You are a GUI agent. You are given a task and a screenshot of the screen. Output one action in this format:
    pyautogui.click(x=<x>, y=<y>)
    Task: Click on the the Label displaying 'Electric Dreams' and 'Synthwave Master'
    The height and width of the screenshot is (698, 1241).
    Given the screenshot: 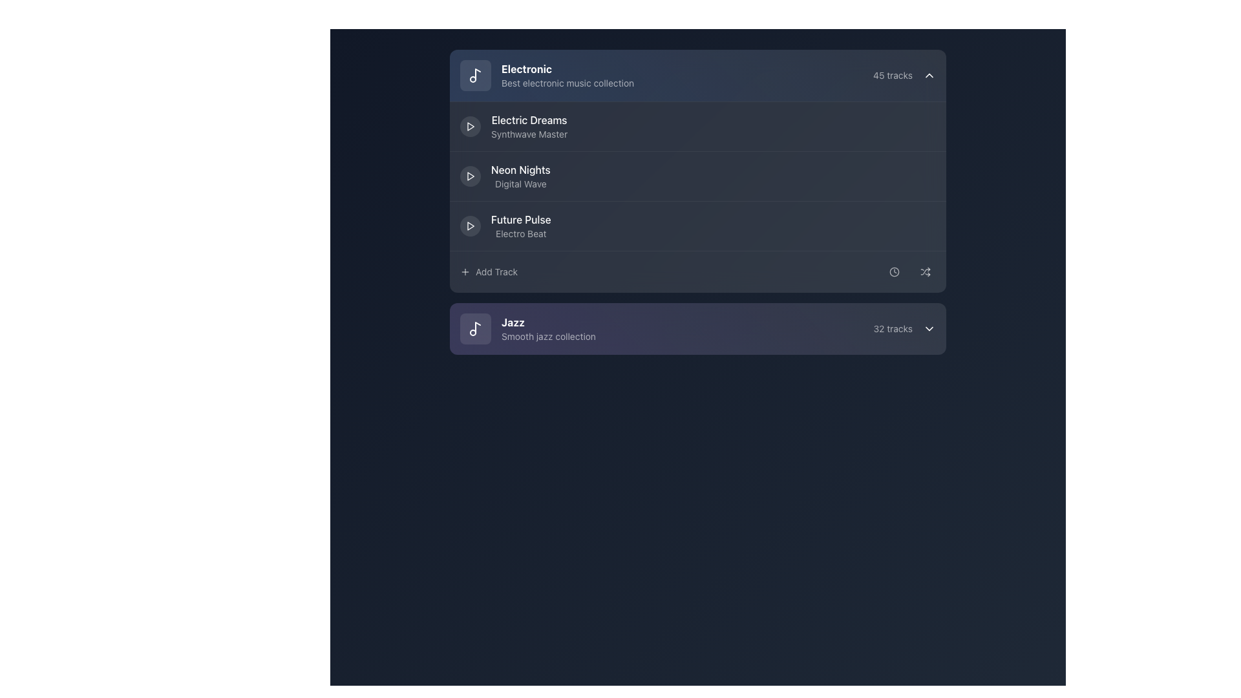 What is the action you would take?
    pyautogui.click(x=529, y=127)
    